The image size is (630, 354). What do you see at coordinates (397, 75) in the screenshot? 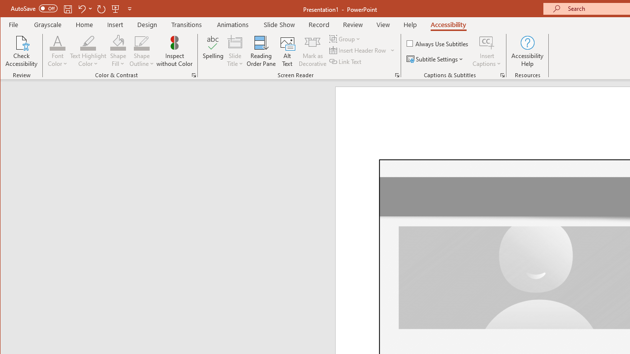
I see `'Screen Reader'` at bounding box center [397, 75].